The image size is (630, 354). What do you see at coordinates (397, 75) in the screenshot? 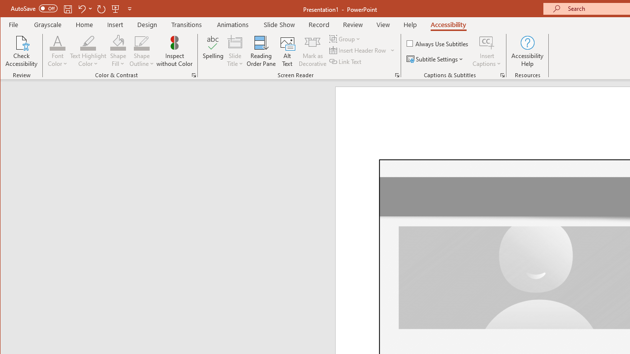
I see `'Screen Reader'` at bounding box center [397, 75].